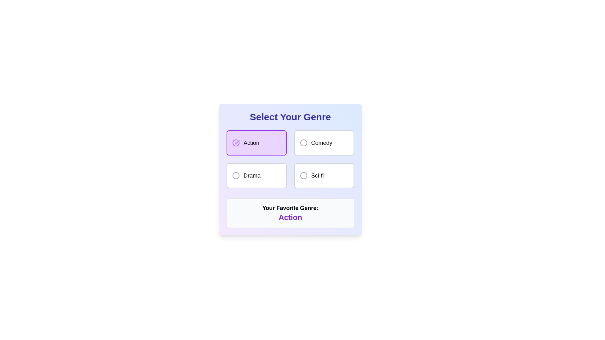 The height and width of the screenshot is (340, 605). What do you see at coordinates (324, 143) in the screenshot?
I see `the 'Comedy' button, which is the second item in a 2x2 grid layout` at bounding box center [324, 143].